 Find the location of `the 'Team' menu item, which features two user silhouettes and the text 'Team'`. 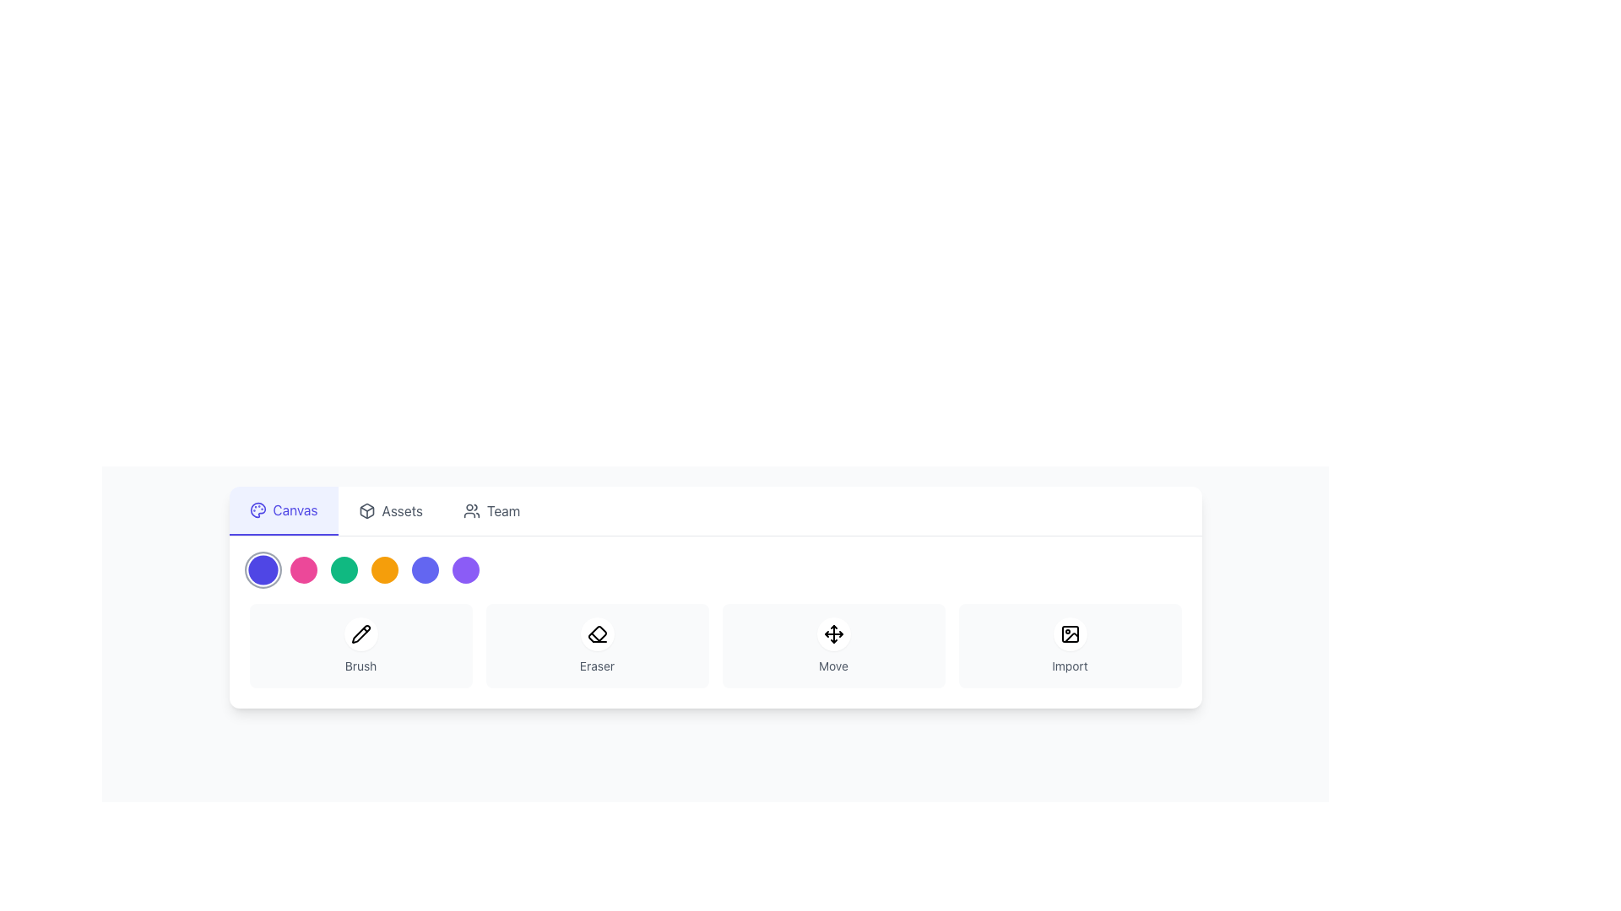

the 'Team' menu item, which features two user silhouettes and the text 'Team' is located at coordinates (491, 509).